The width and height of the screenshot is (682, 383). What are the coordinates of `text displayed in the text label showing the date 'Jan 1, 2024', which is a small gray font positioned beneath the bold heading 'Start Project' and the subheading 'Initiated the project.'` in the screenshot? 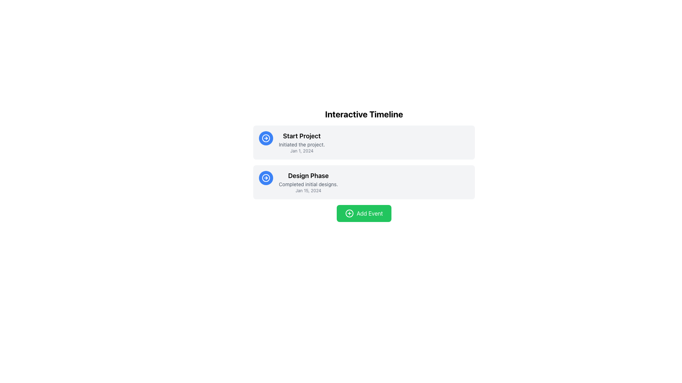 It's located at (302, 150).